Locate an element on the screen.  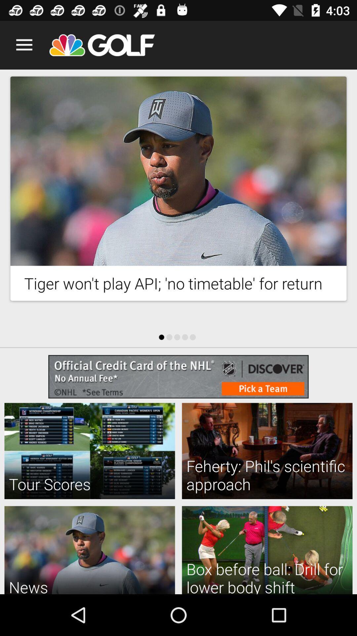
open advertisement is located at coordinates (178, 377).